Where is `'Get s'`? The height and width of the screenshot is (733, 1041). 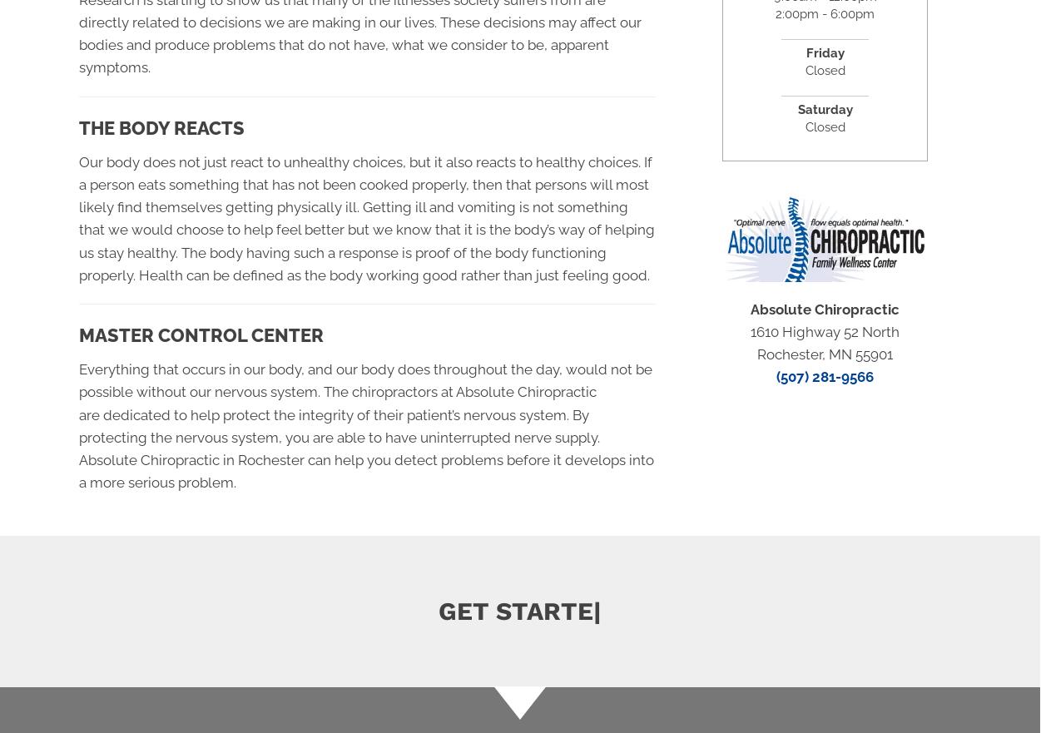 'Get s' is located at coordinates (515, 611).